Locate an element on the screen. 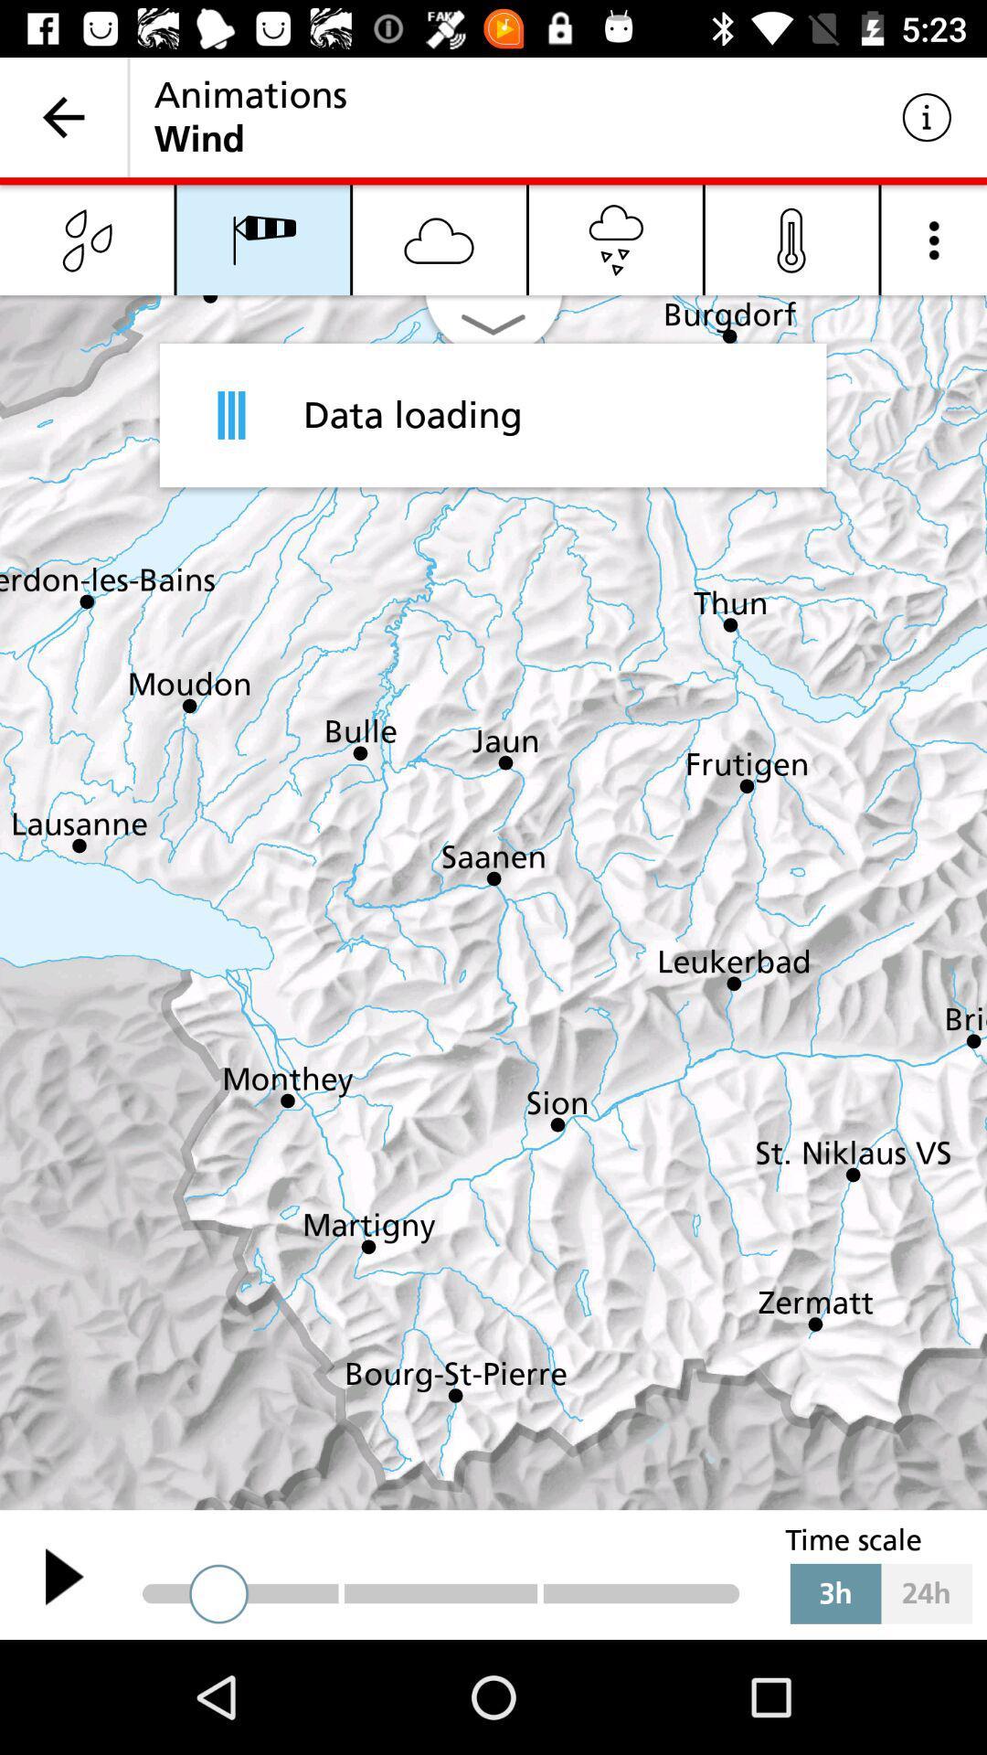 The image size is (987, 1755). the more icon is located at coordinates (934, 239).